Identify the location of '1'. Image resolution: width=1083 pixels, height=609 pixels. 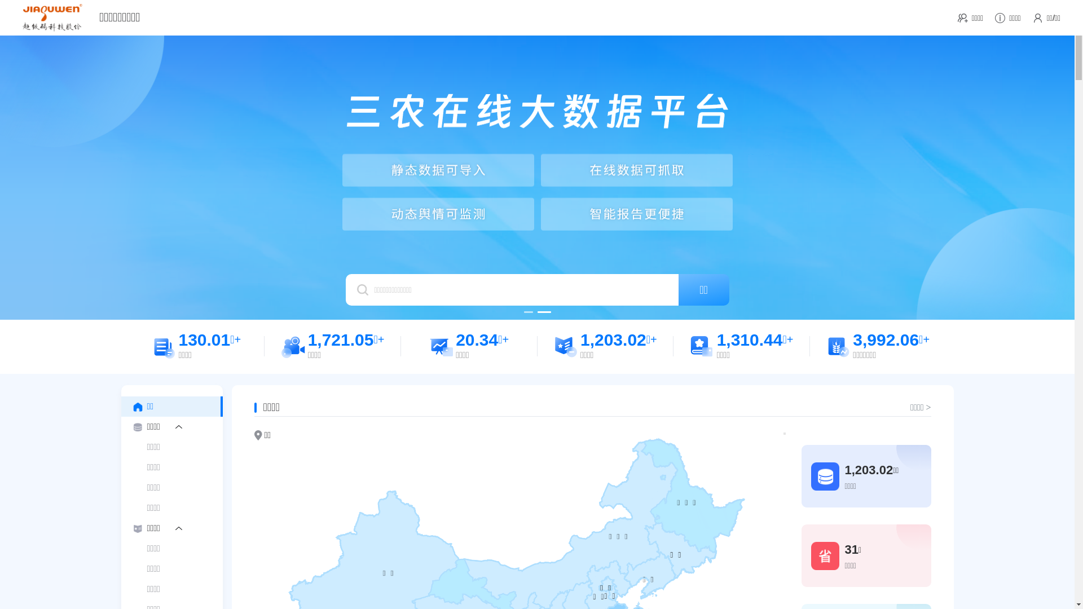
(527, 312).